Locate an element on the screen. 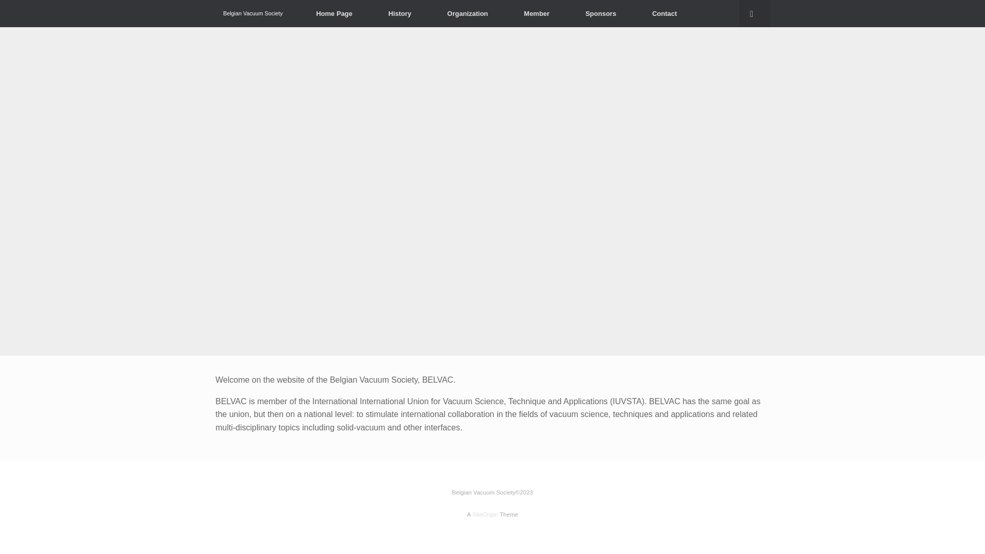  'Belgian Vacuum Society' is located at coordinates (253, 13).